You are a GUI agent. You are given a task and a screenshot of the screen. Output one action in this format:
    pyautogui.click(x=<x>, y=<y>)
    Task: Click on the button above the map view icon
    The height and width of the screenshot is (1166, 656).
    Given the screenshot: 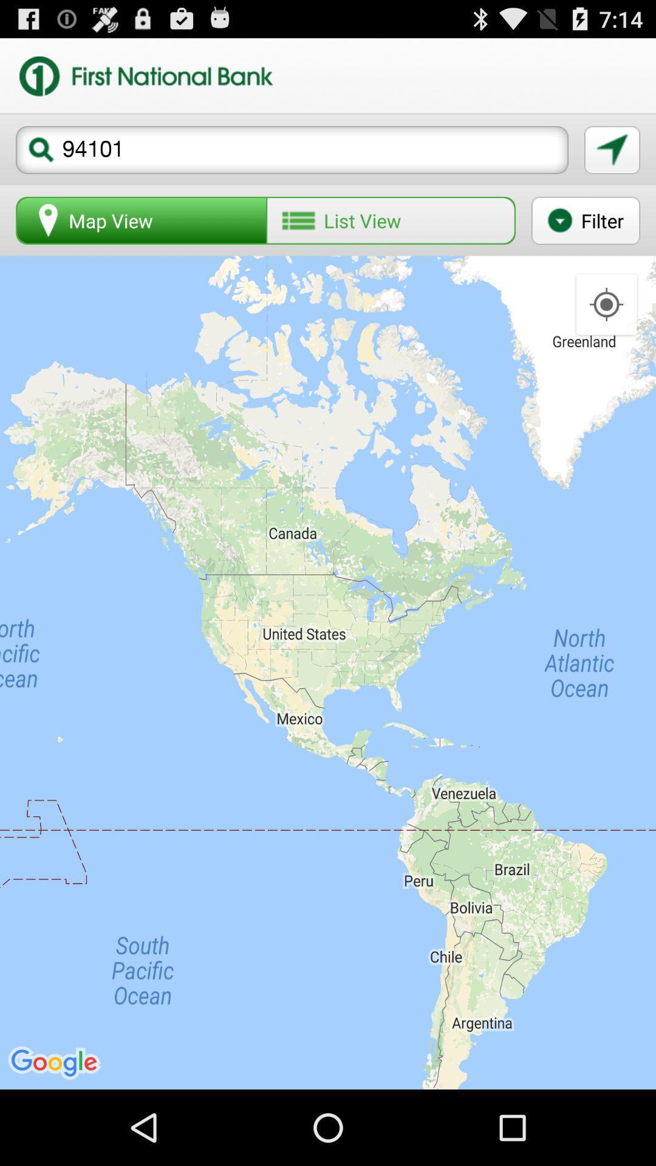 What is the action you would take?
    pyautogui.click(x=292, y=149)
    